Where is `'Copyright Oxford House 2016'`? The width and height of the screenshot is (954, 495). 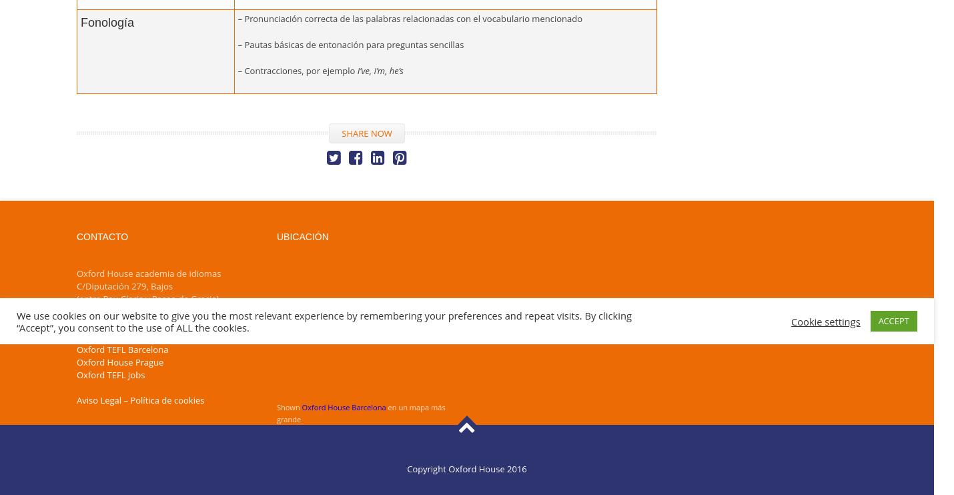 'Copyright Oxford House 2016' is located at coordinates (407, 468).